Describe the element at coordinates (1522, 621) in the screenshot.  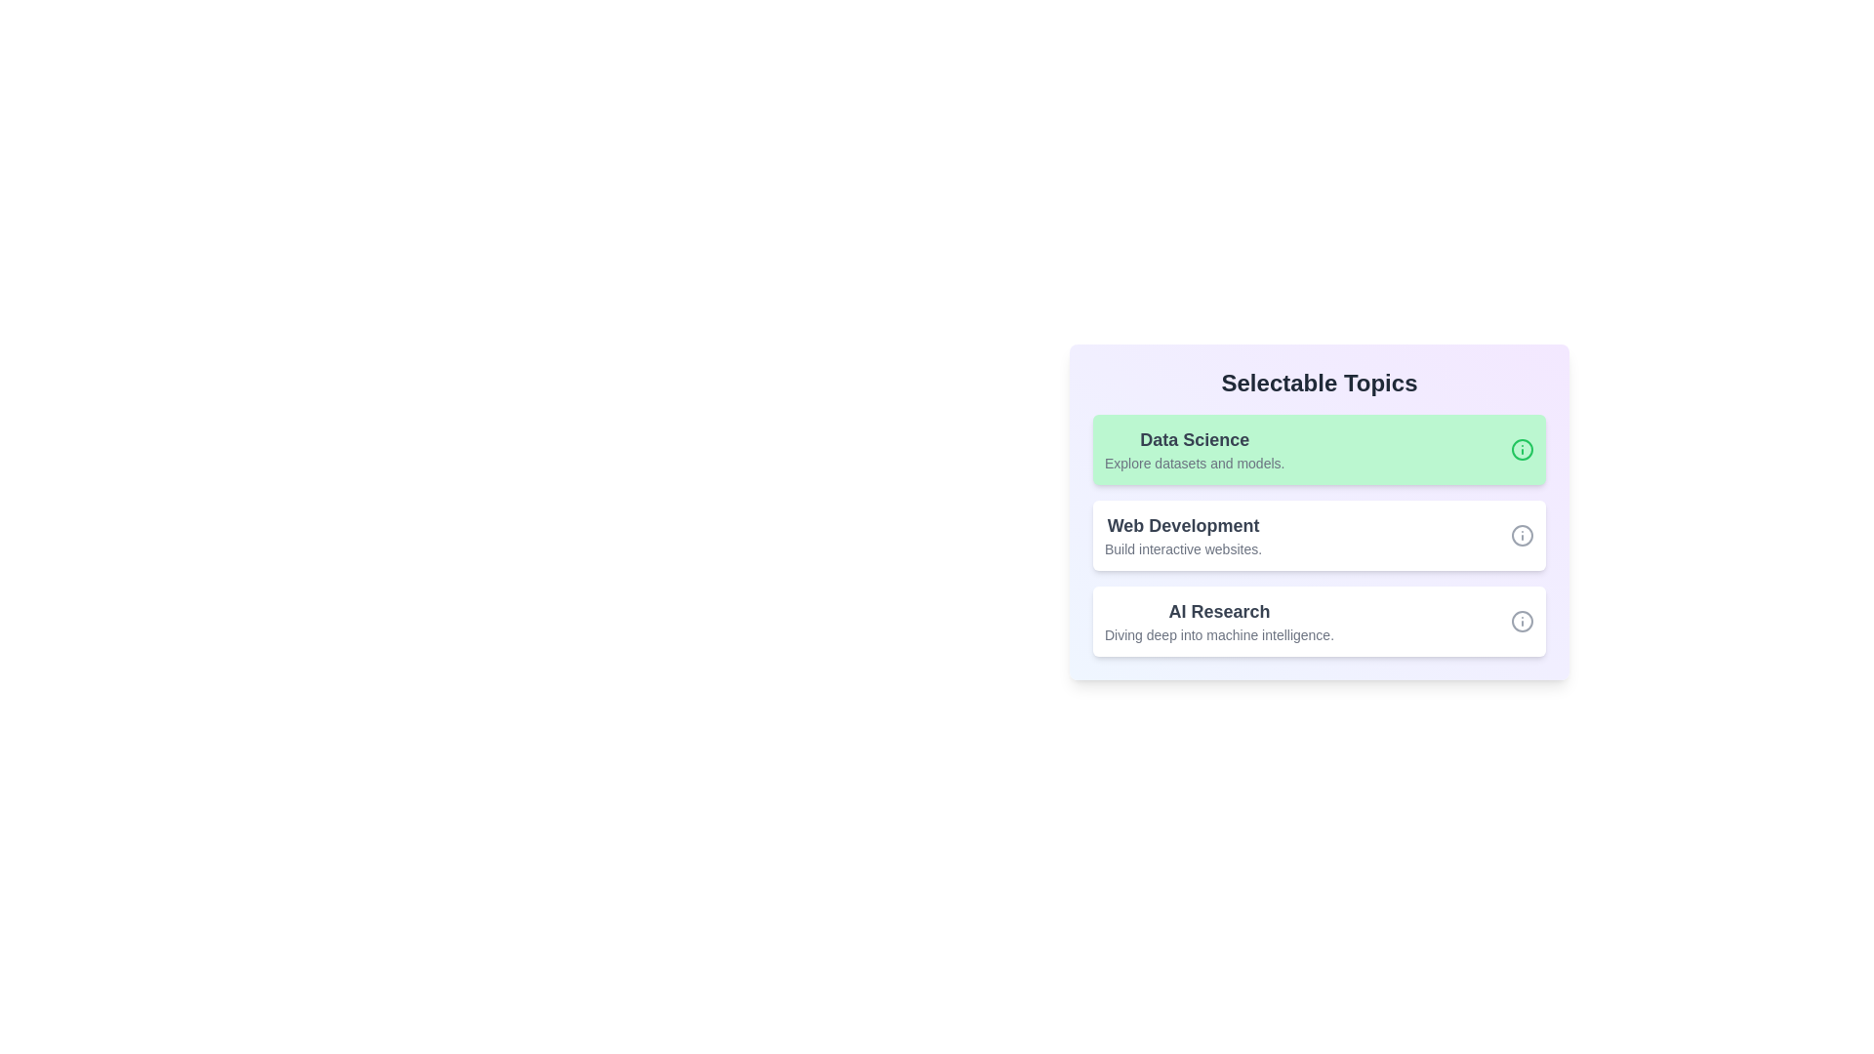
I see `the information icon for the topic AI Research` at that location.